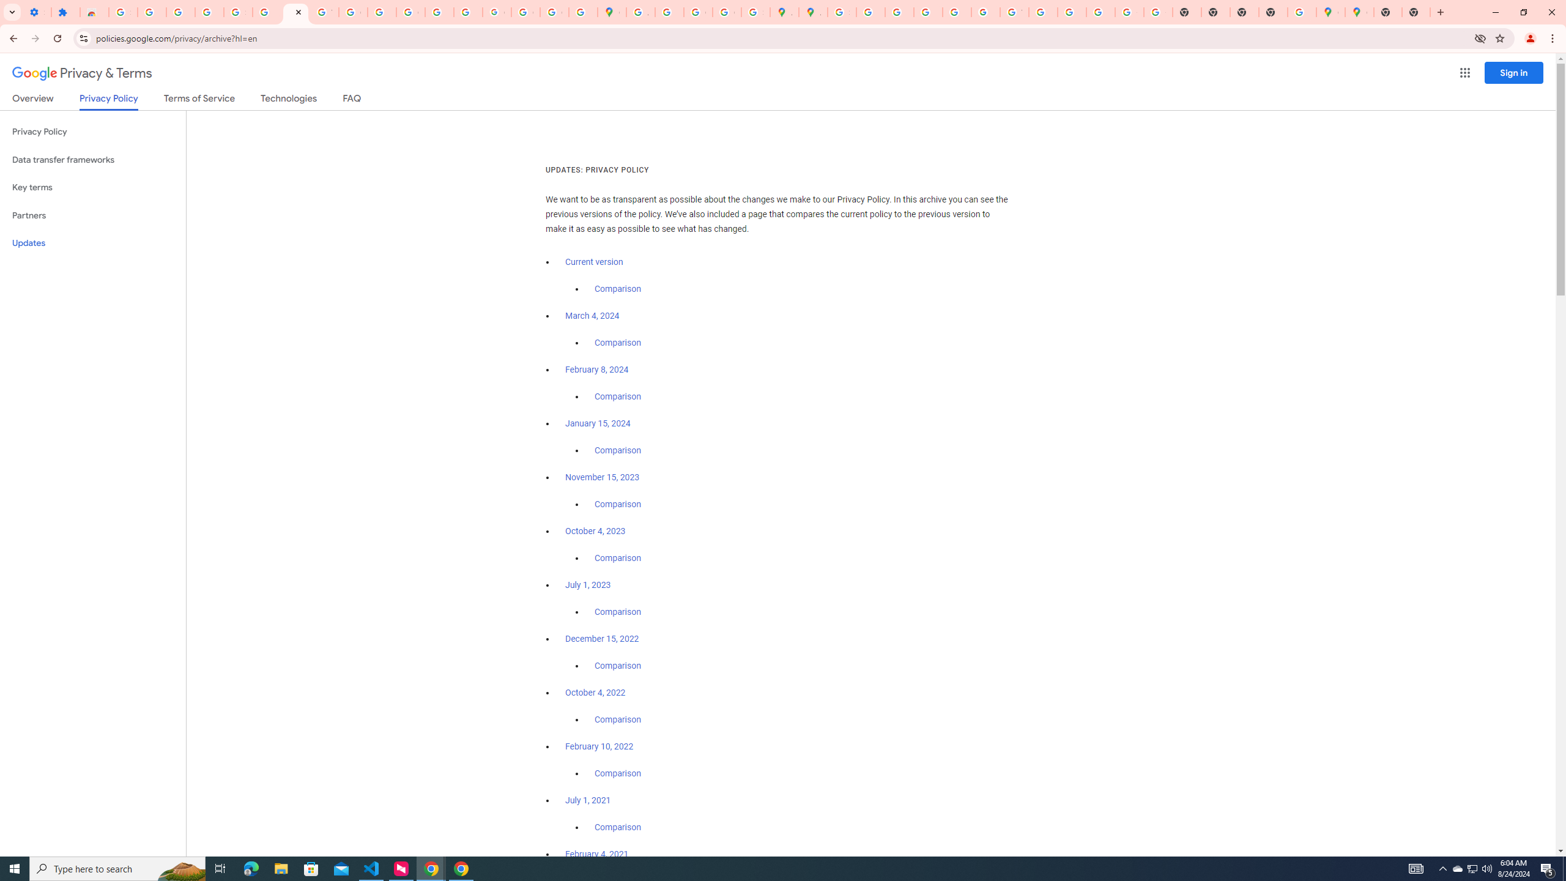 Image resolution: width=1566 pixels, height=881 pixels. Describe the element at coordinates (598, 424) in the screenshot. I see `'January 15, 2024'` at that location.